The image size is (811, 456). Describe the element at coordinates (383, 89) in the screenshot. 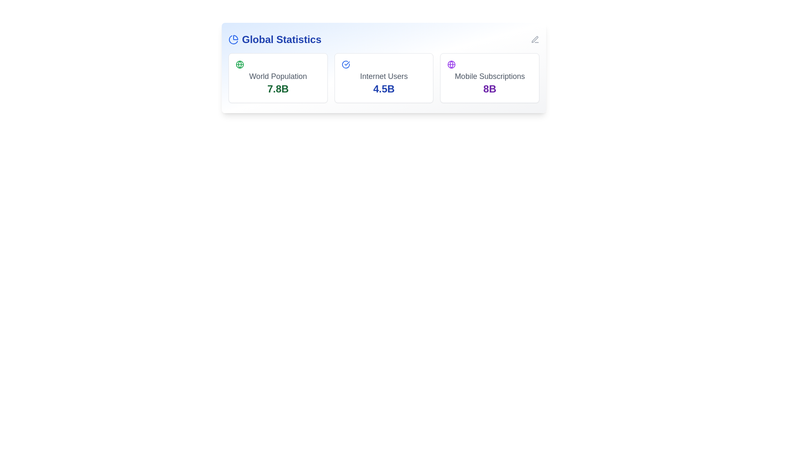

I see `the text display showing '4.5B' in bold blue font, located under the title 'Internet Users' in the card layout` at that location.